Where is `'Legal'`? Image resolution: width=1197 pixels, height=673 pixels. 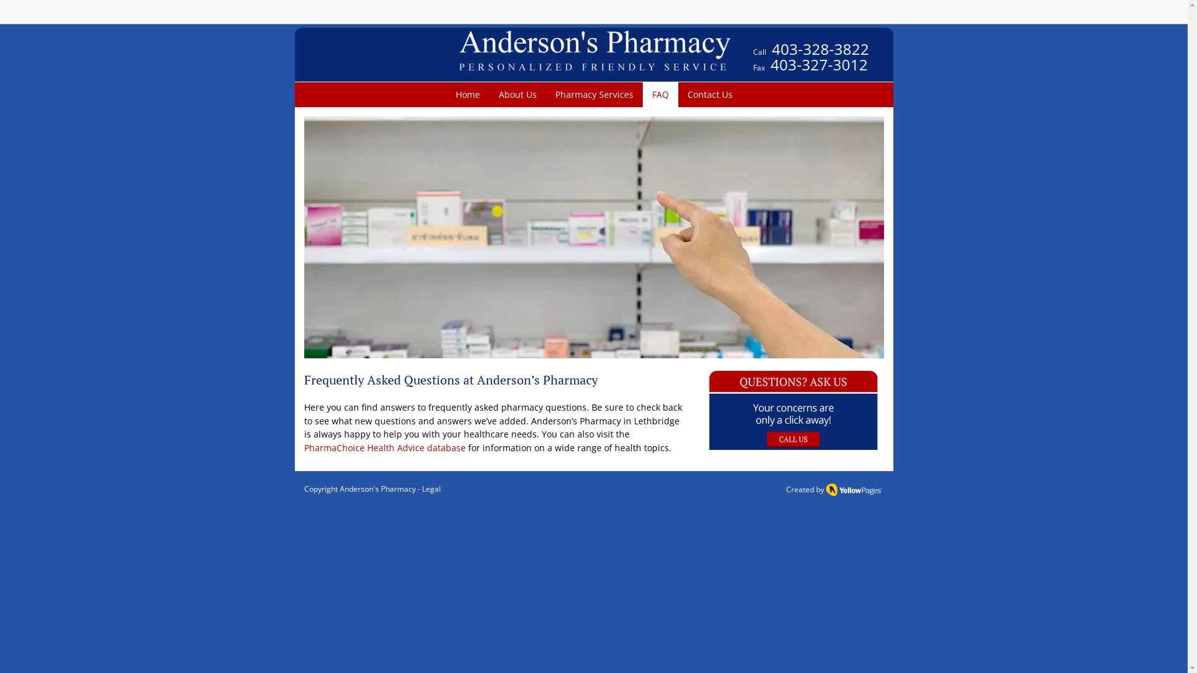
'Legal' is located at coordinates (421, 488).